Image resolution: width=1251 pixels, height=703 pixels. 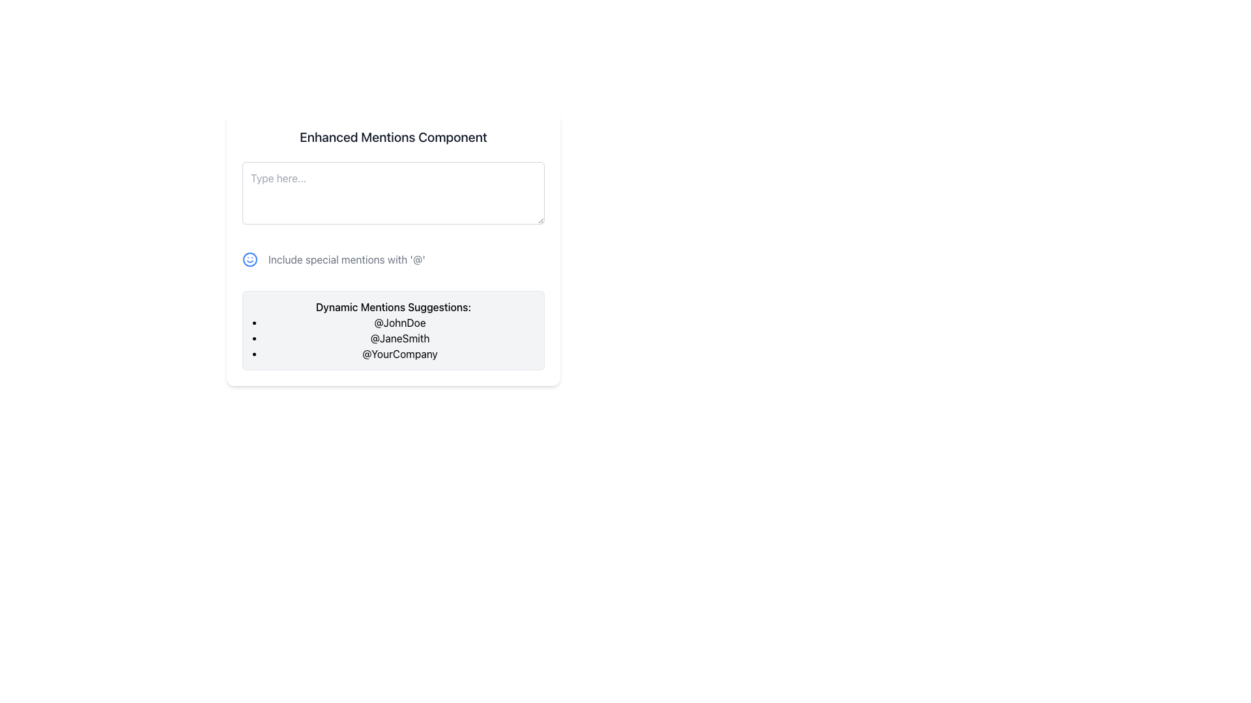 I want to click on the Text Header that introduces the section for dynamically suggested mentions, located above the items '@JohnDoe', '@JaneSmith', and '@YourCompany', so click(x=393, y=307).